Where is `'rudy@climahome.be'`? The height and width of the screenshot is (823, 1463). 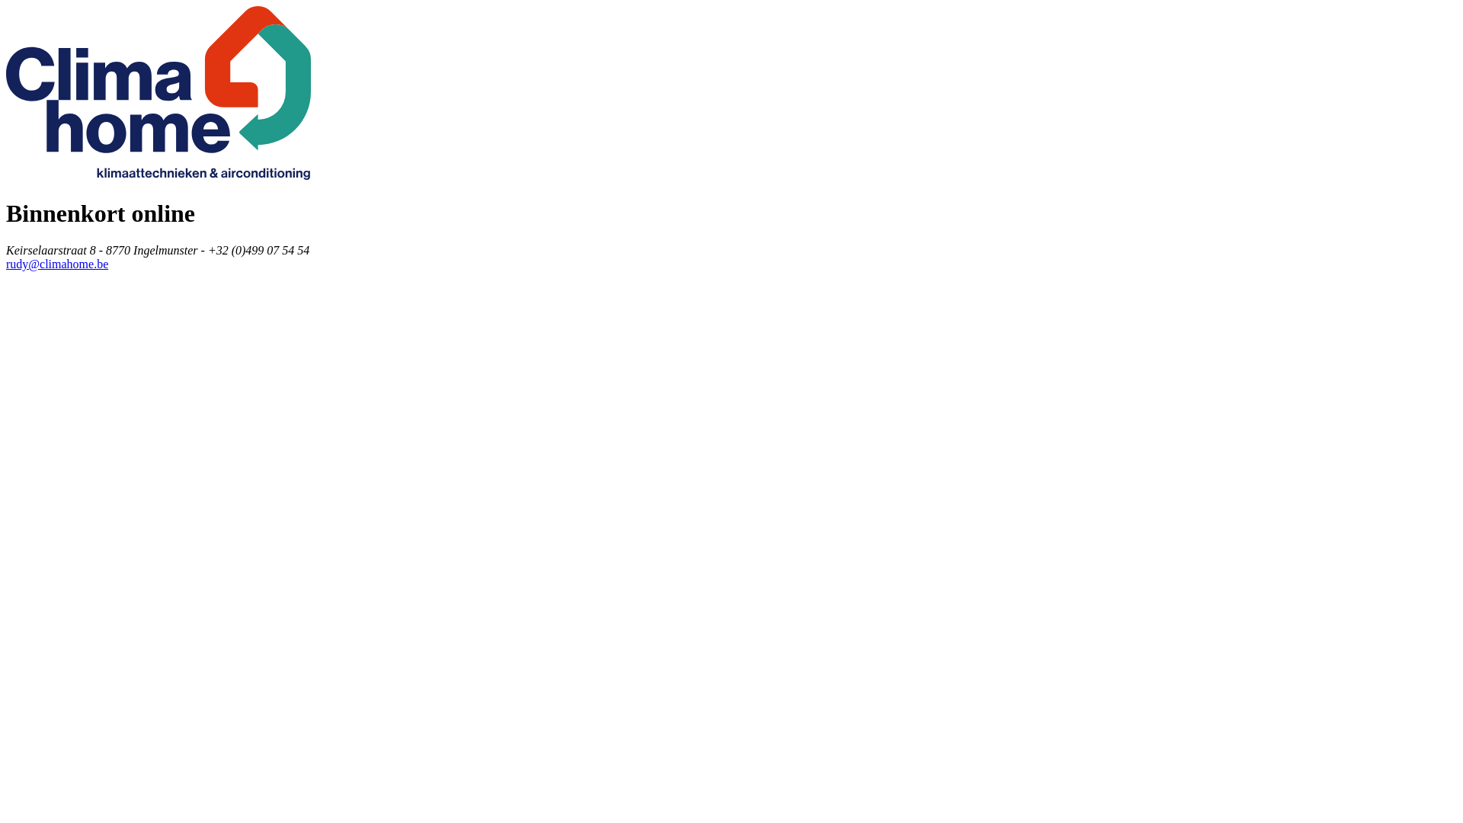 'rudy@climahome.be' is located at coordinates (57, 263).